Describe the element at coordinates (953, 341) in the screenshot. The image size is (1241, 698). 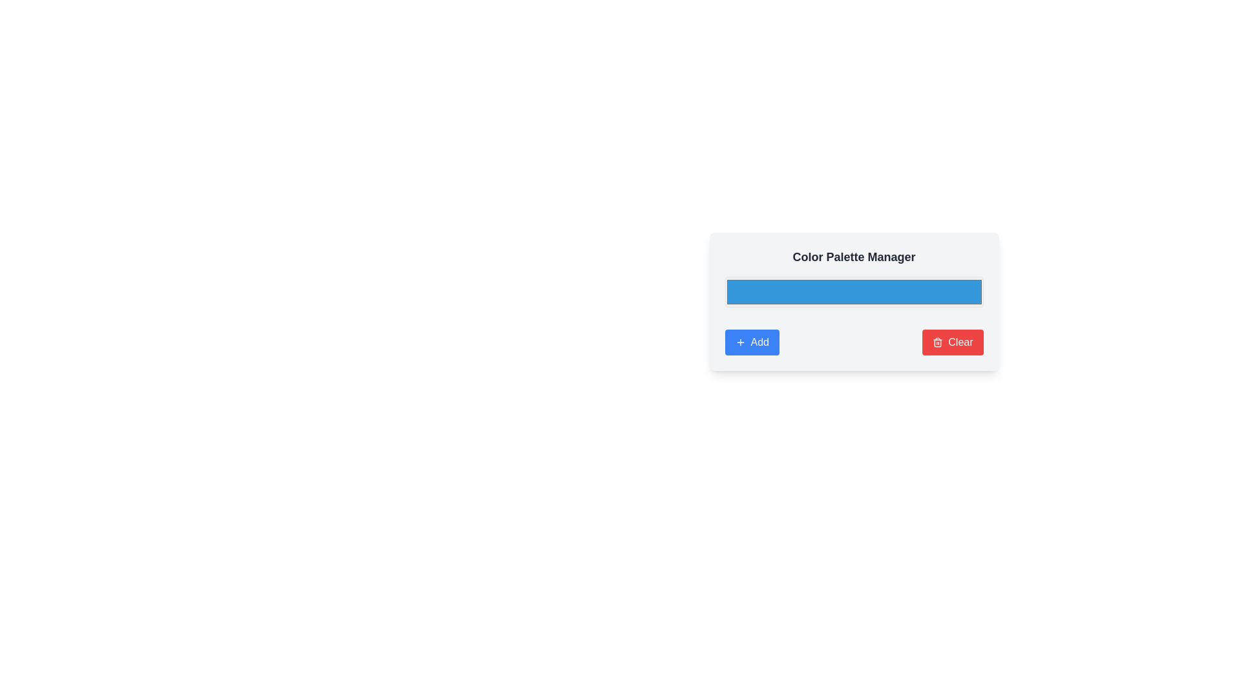
I see `the 'Clear' button located at the bottom-right corner of the 'Color Palette Manager' interface` at that location.